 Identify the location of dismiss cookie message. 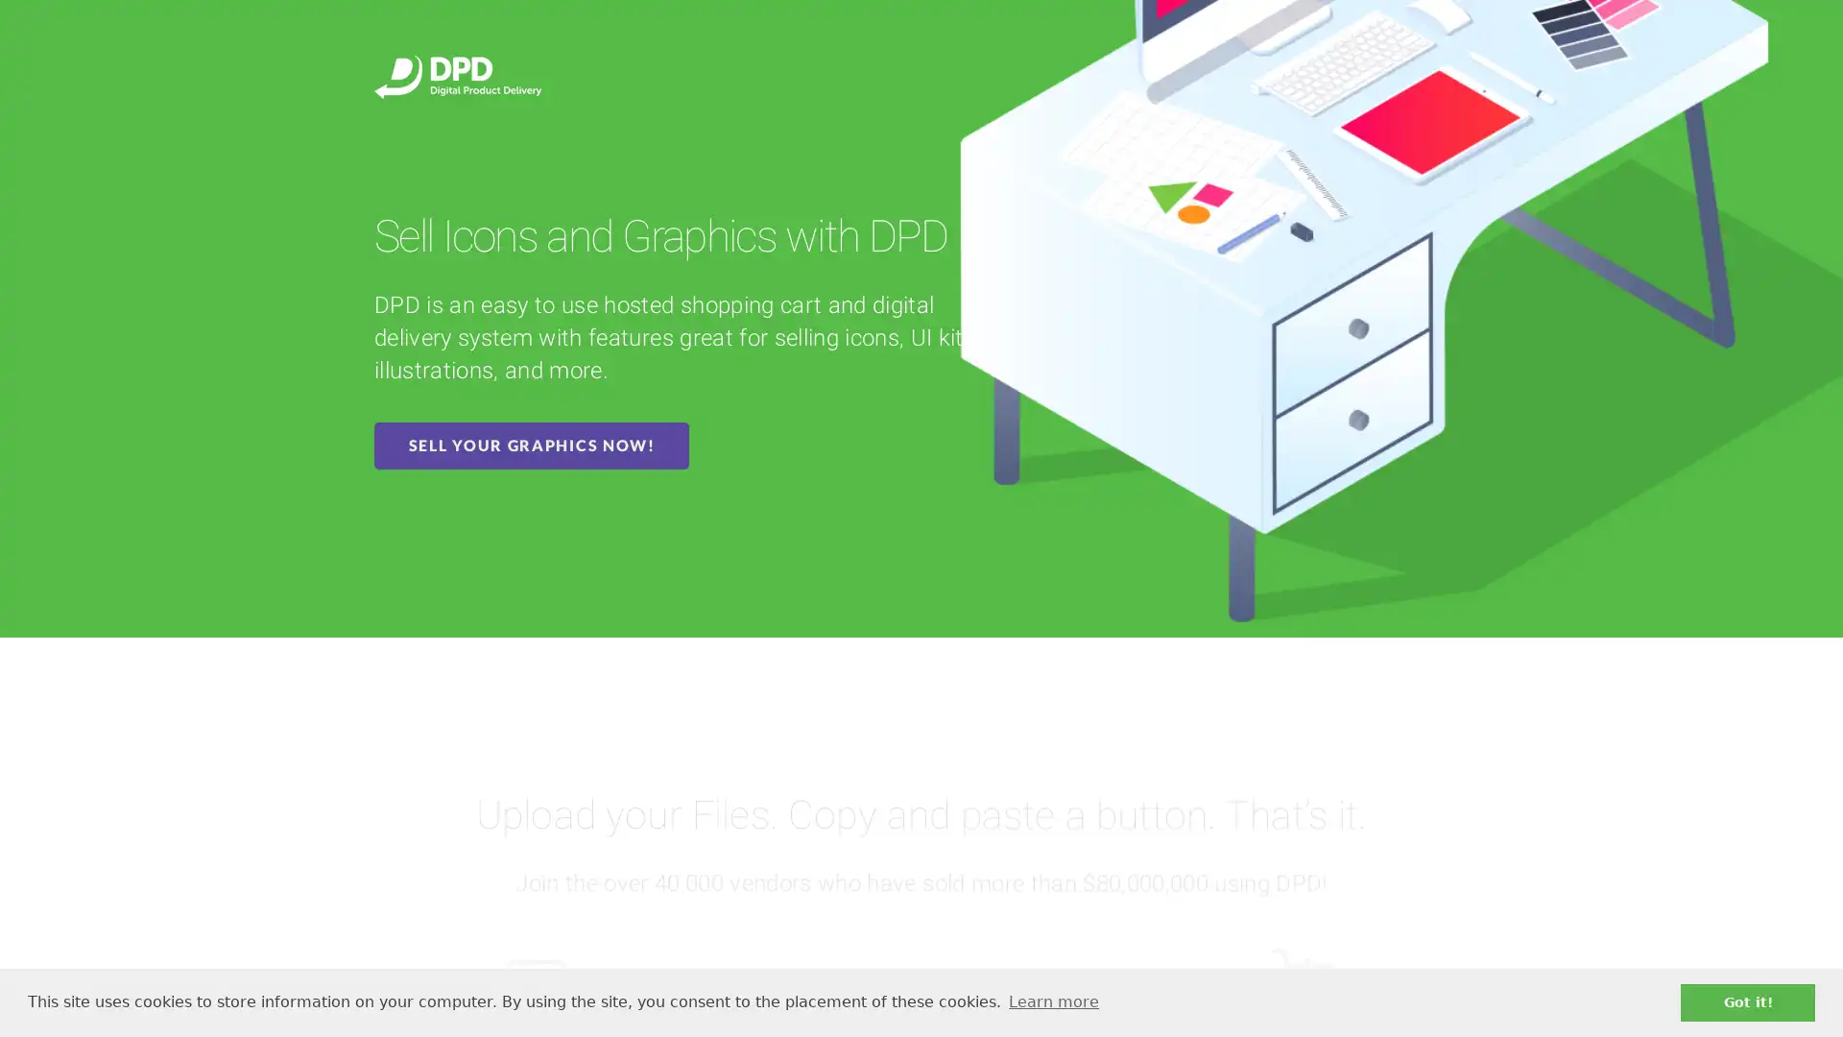
(1747, 1001).